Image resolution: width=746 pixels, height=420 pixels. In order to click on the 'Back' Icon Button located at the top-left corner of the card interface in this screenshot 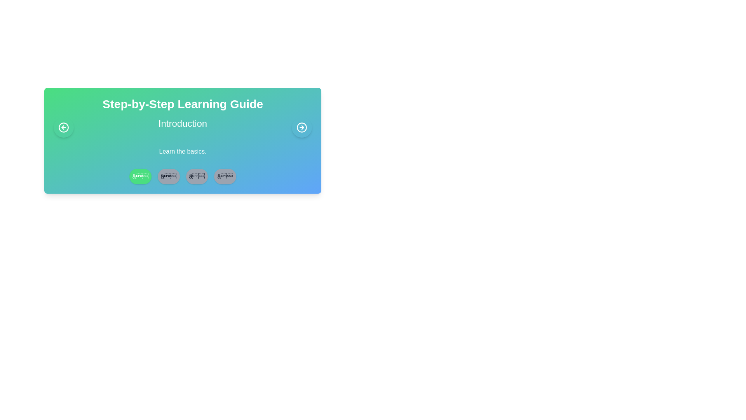, I will do `click(63, 127)`.